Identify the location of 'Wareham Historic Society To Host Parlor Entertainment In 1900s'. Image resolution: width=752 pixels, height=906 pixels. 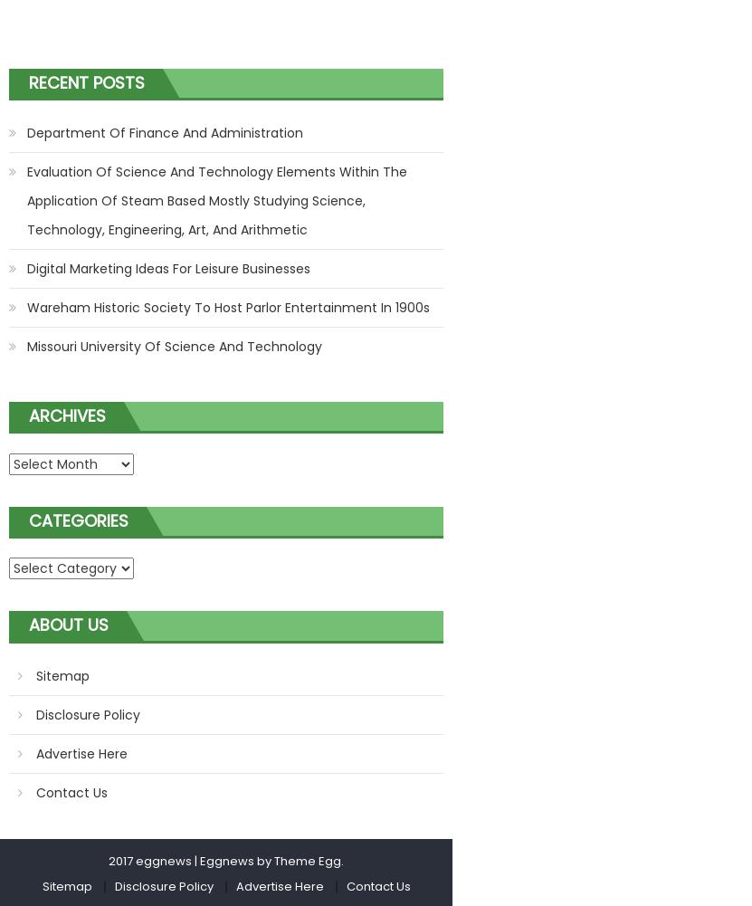
(26, 308).